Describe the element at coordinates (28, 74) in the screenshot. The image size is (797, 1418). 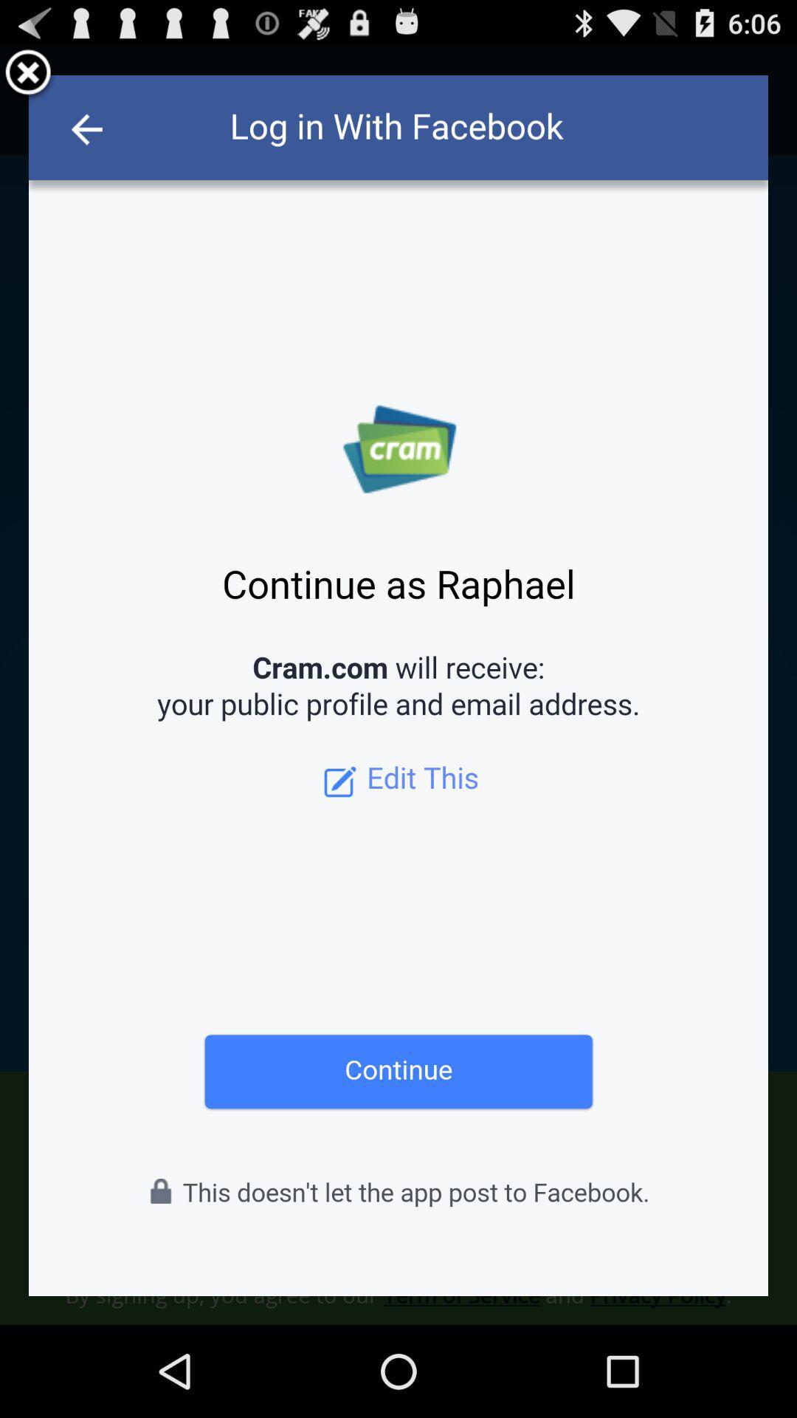
I see `delete button` at that location.